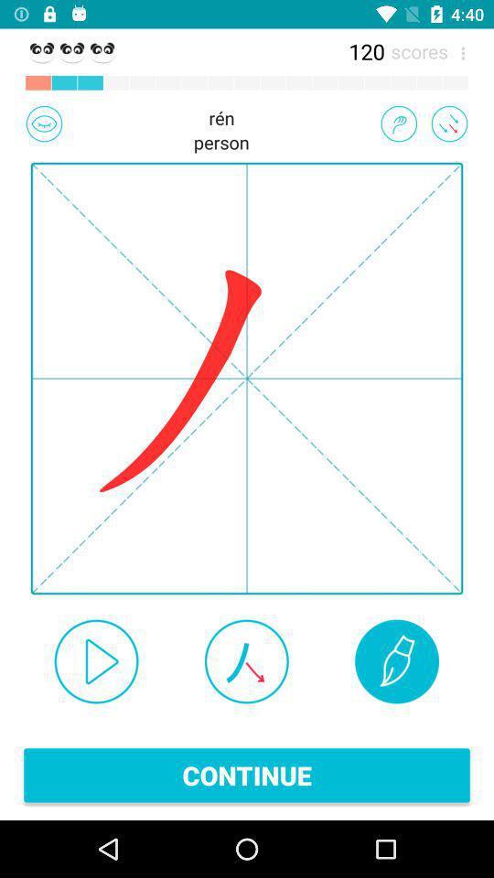 The width and height of the screenshot is (494, 878). I want to click on first option from right in the bottom second row, so click(395, 661).